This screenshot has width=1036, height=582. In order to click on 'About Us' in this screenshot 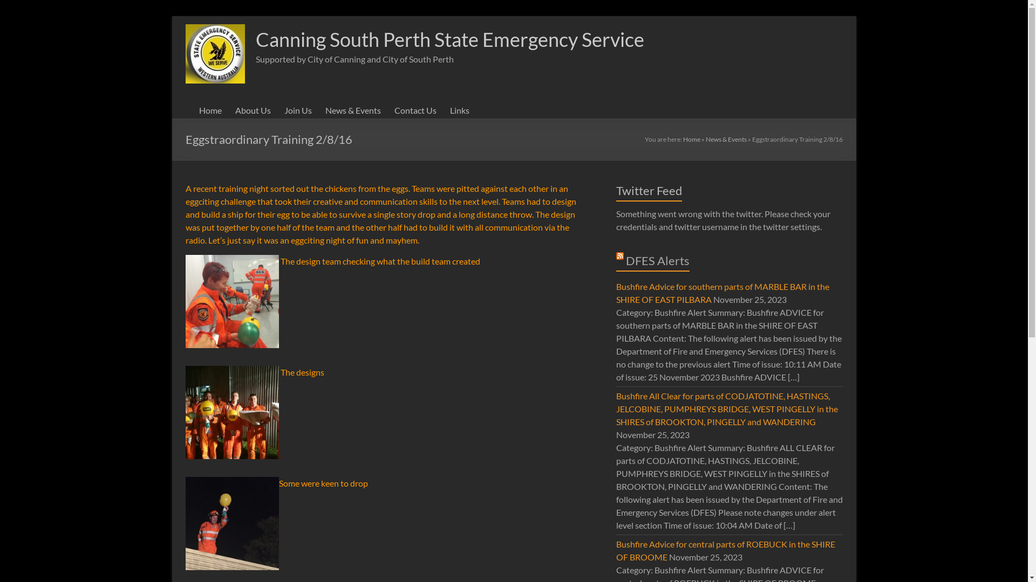, I will do `click(253, 110)`.